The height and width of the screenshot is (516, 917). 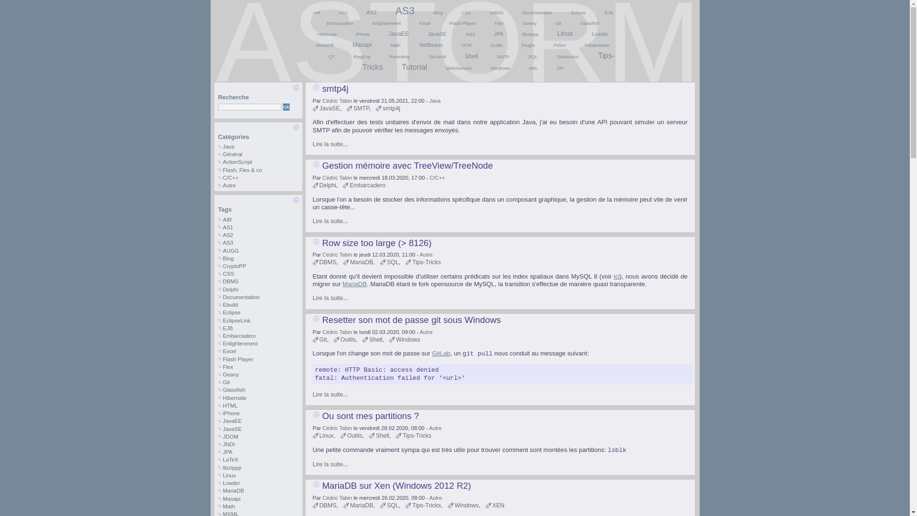 What do you see at coordinates (522, 13) in the screenshot?
I see `'Documentation'` at bounding box center [522, 13].